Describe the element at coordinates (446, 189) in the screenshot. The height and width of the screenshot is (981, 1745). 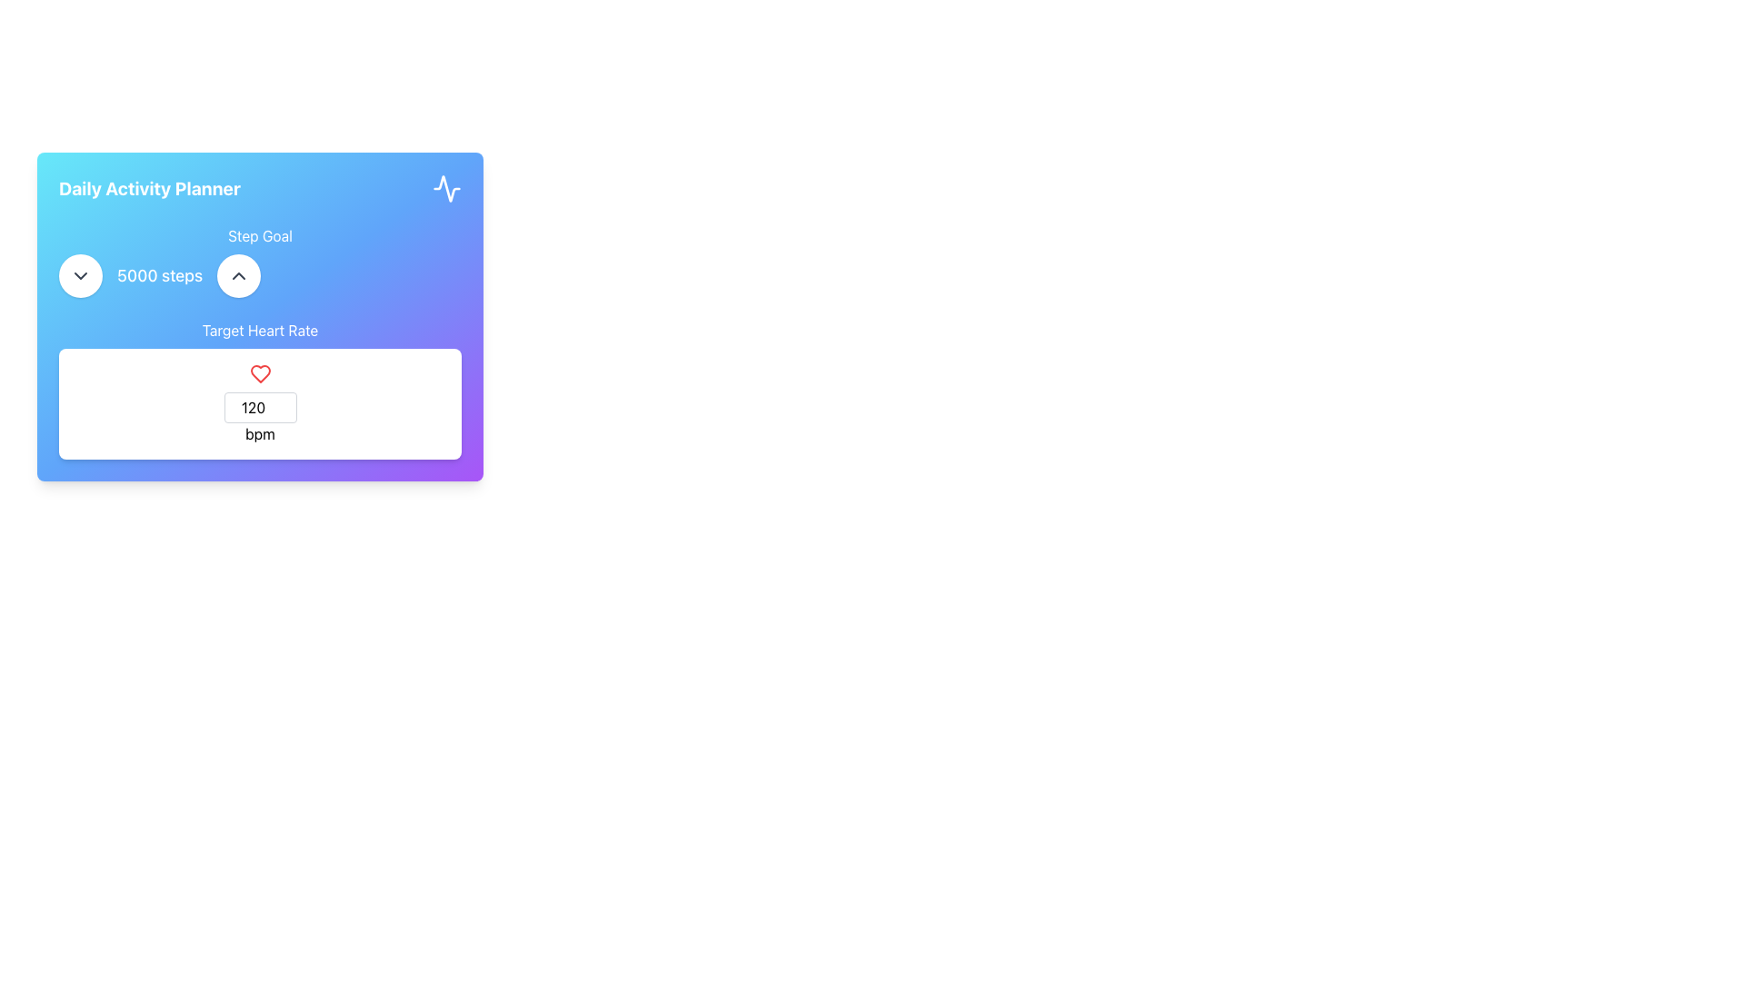
I see `the waveform style graphic icon located in the top-right corner of the 'Daily Activity Planner' card` at that location.